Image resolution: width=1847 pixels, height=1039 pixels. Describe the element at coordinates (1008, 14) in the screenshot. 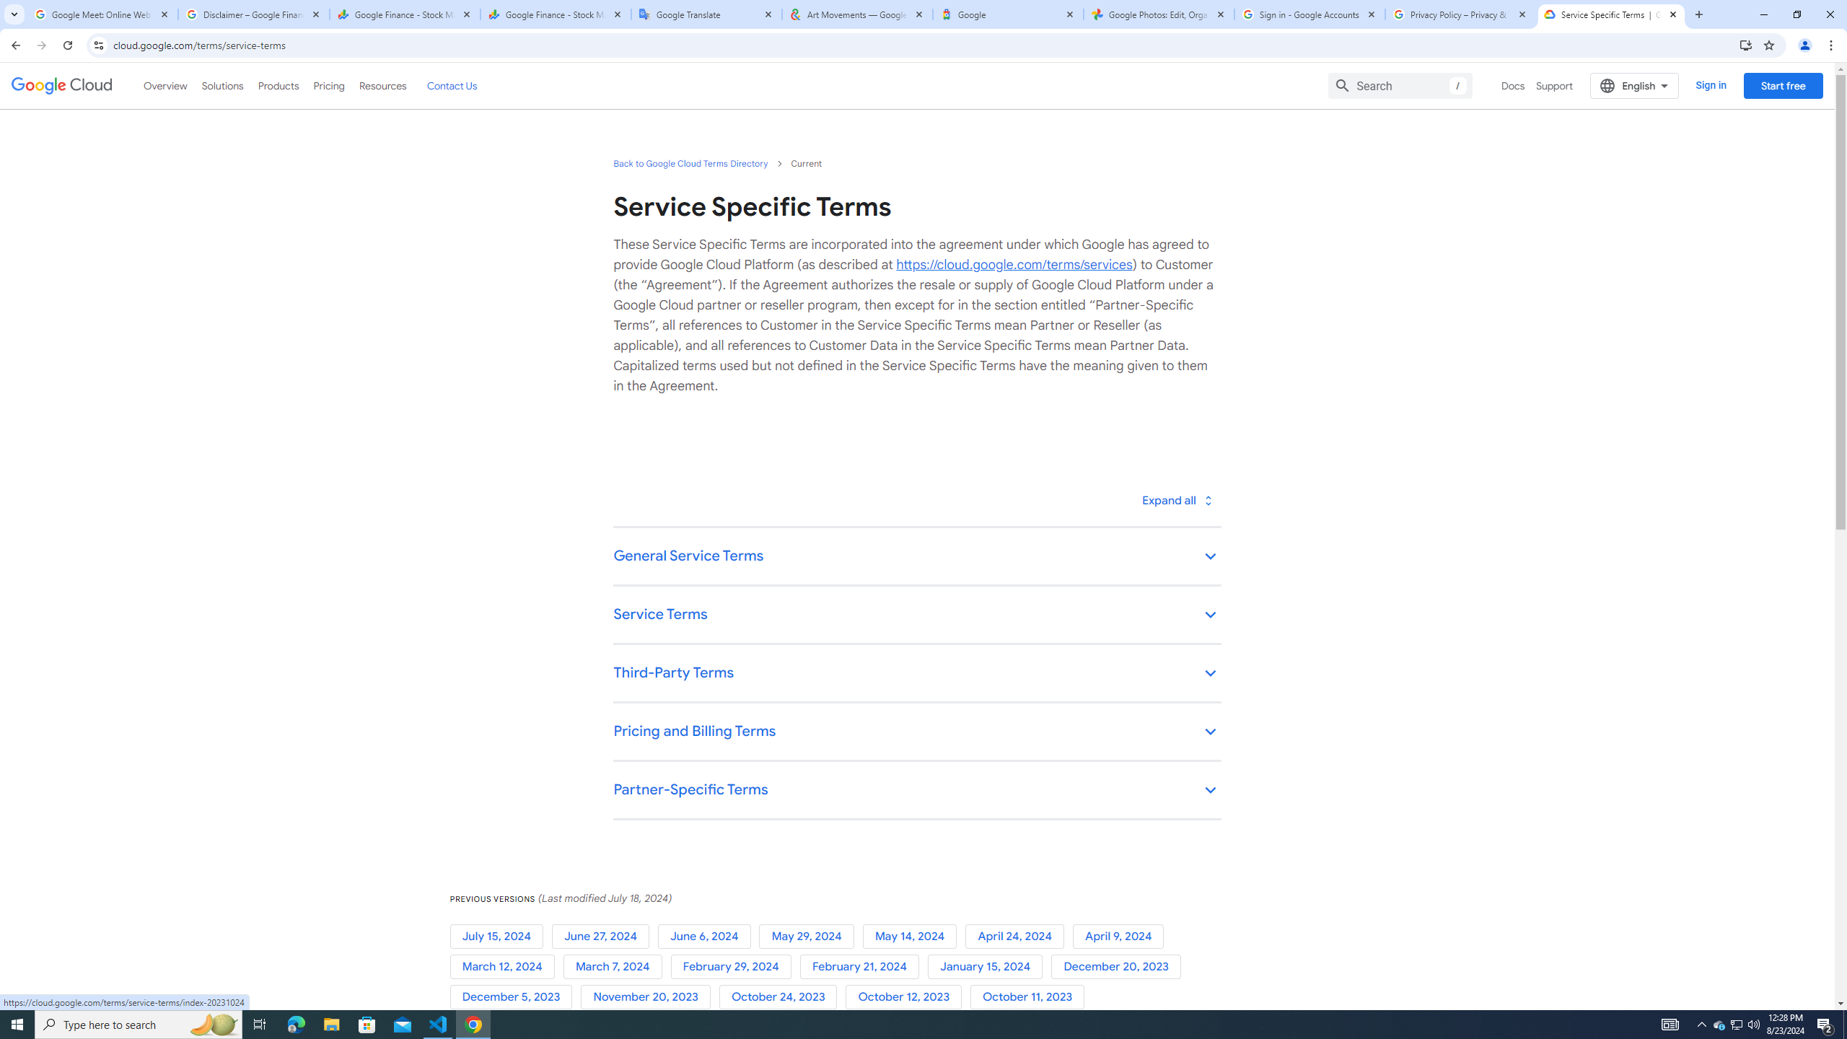

I see `'Google'` at that location.